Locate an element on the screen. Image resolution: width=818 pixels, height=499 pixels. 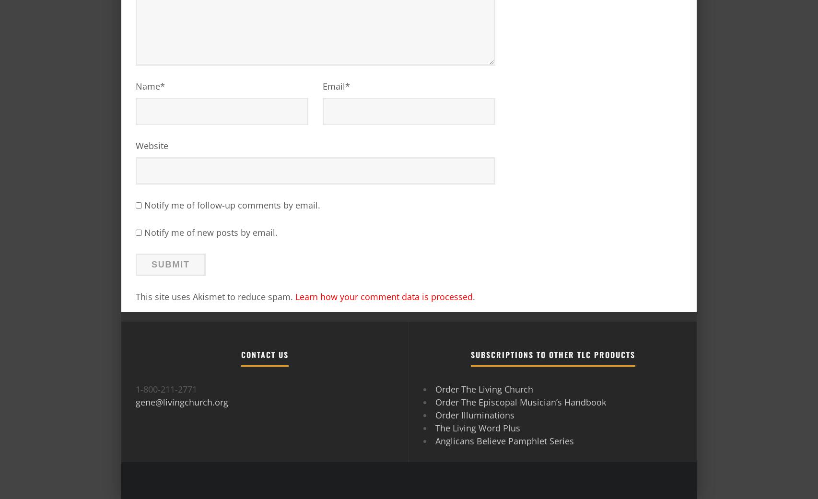
'Learn how your comment data is processed' is located at coordinates (383, 296).